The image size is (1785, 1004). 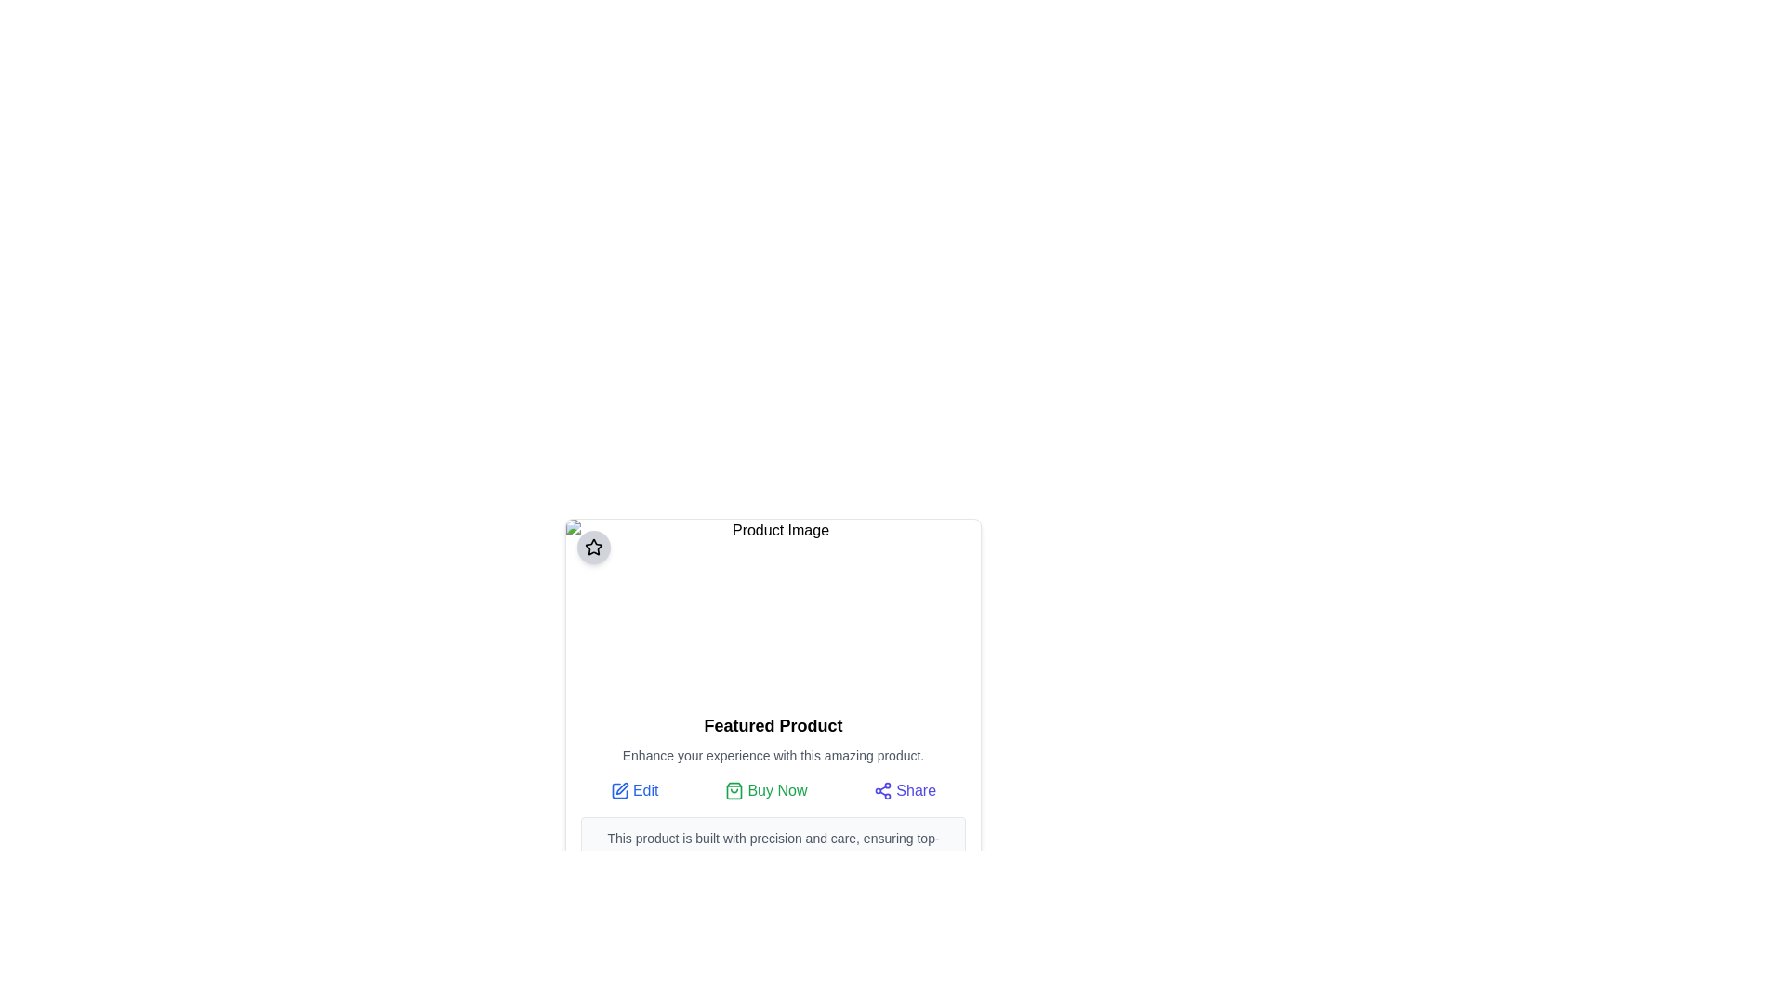 What do you see at coordinates (773, 609) in the screenshot?
I see `the rectangular image placeholder labeled 'Product Image' located at the top section of the card layout` at bounding box center [773, 609].